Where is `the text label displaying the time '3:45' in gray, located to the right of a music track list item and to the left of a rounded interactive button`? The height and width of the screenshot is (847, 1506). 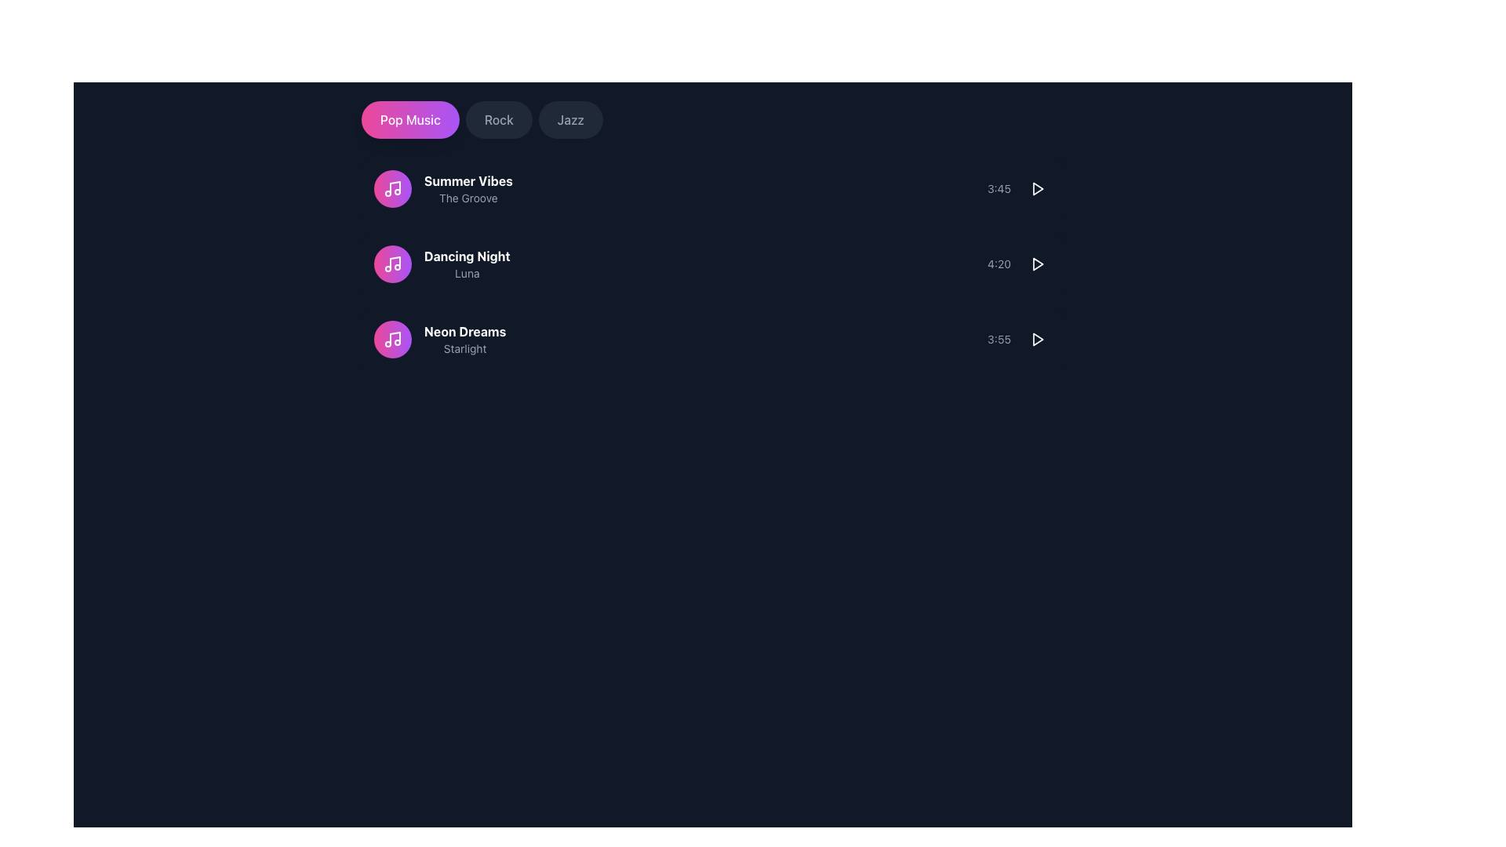
the text label displaying the time '3:45' in gray, located to the right of a music track list item and to the left of a rounded interactive button is located at coordinates (998, 187).